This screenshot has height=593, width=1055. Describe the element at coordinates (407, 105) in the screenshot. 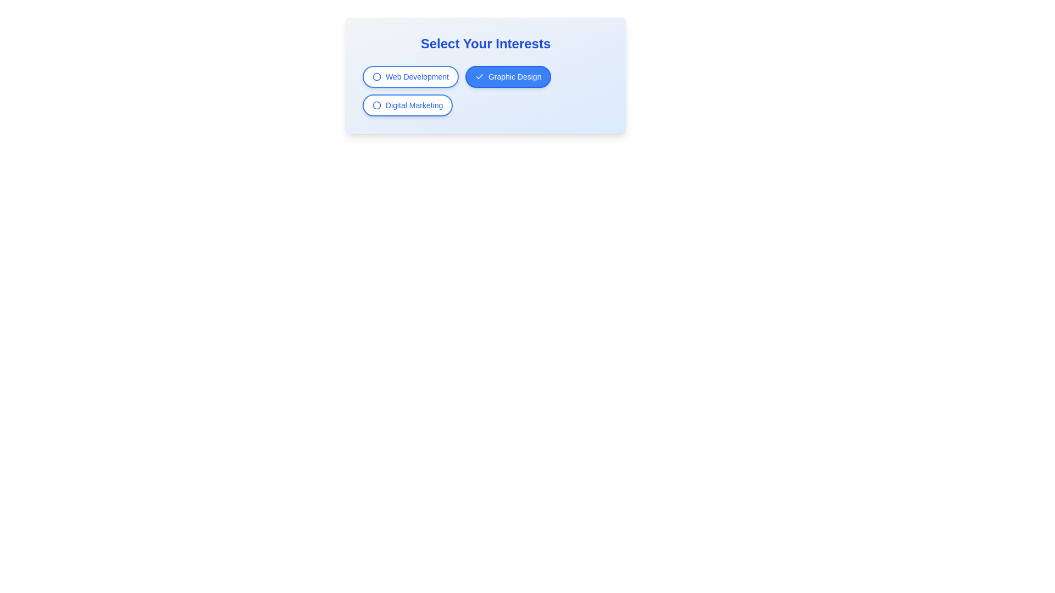

I see `the filter chip labeled Digital Marketing to toggle its state` at that location.